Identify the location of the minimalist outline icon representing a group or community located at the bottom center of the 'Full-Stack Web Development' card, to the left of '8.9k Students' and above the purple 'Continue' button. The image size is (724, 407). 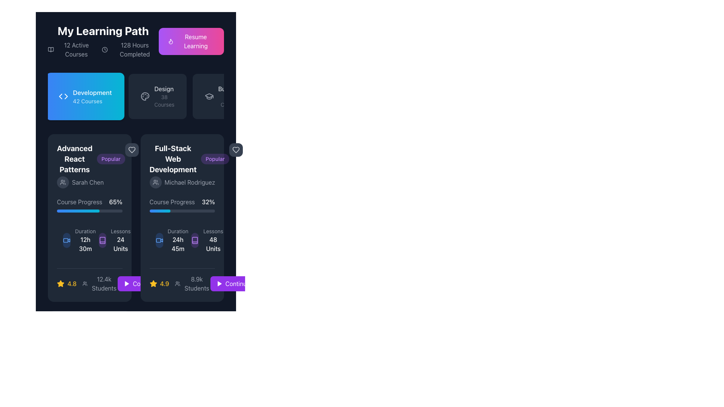
(177, 283).